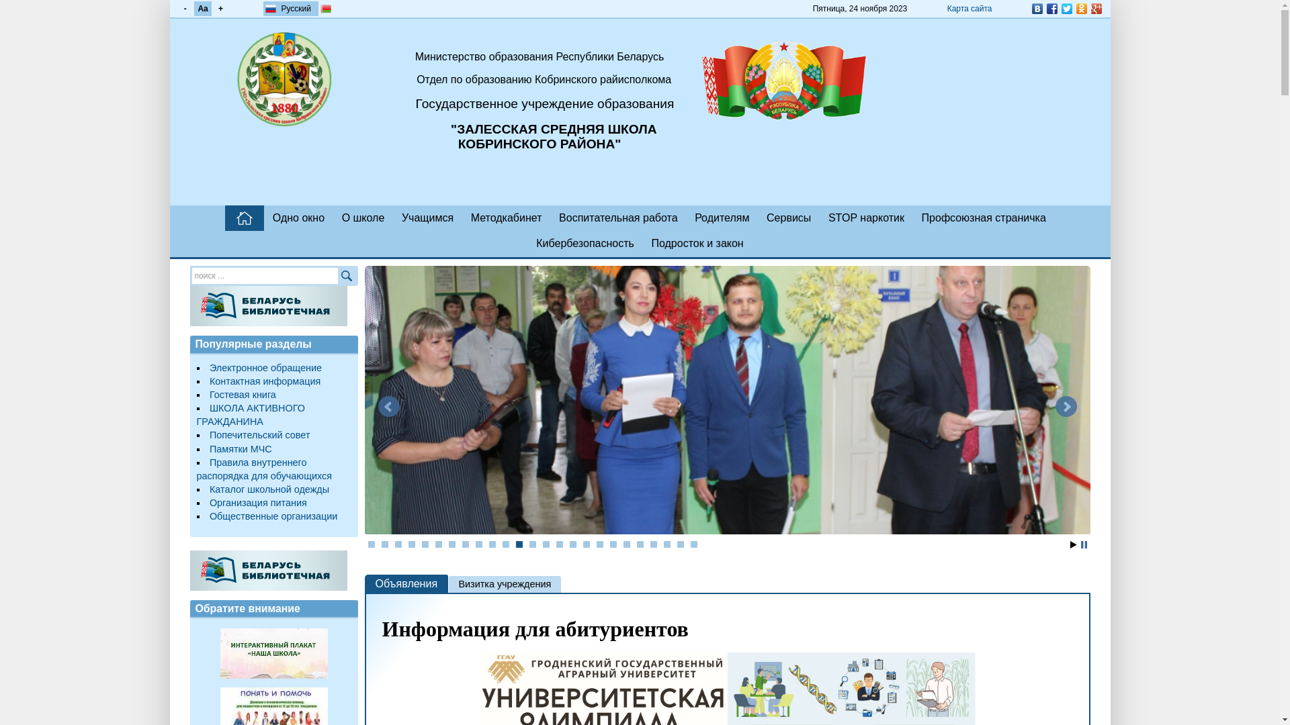 The height and width of the screenshot is (725, 1290). I want to click on '3', so click(398, 544).